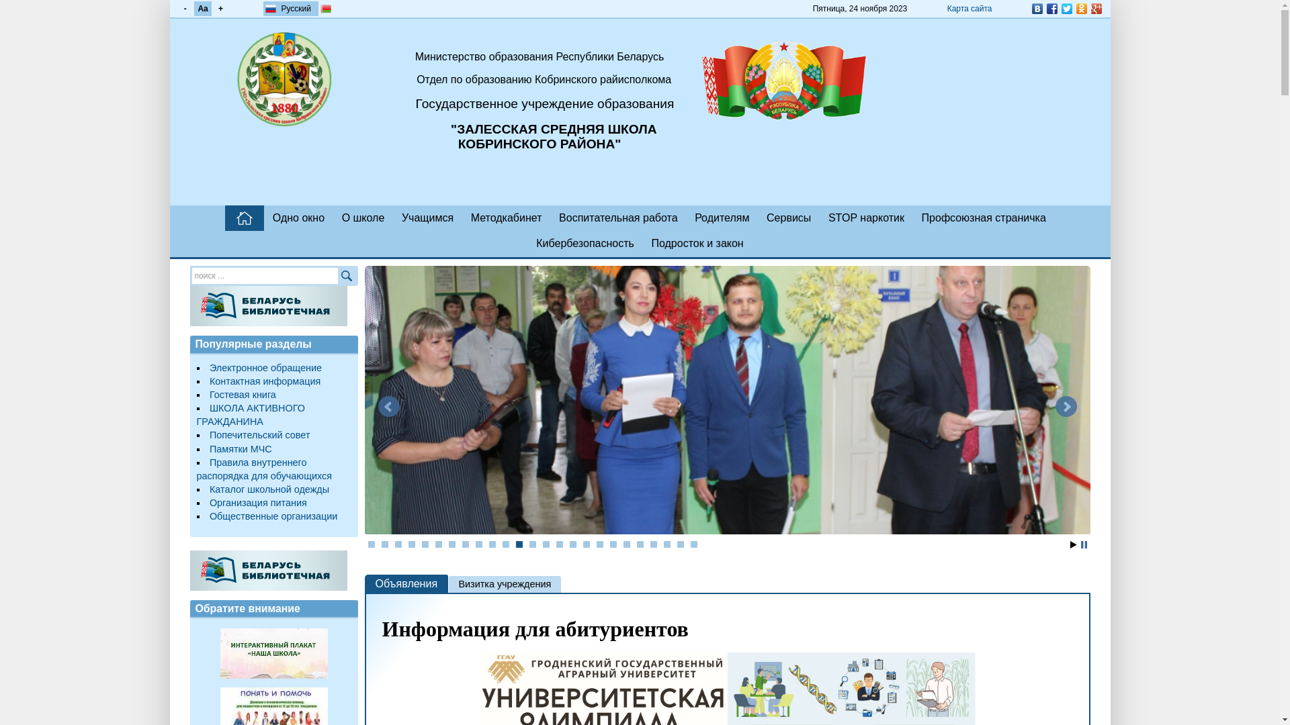 The height and width of the screenshot is (725, 1290). I want to click on '3', so click(398, 544).